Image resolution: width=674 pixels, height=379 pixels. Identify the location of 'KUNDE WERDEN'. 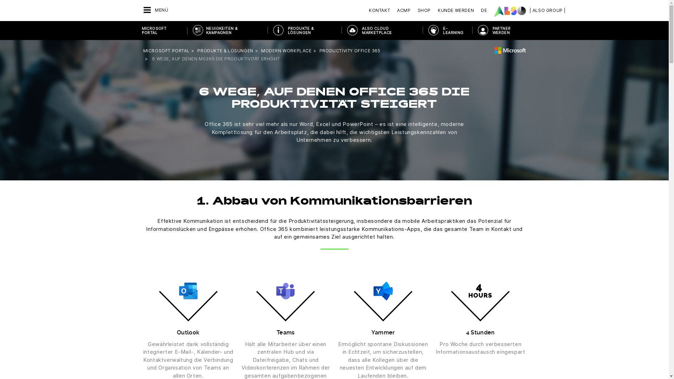
(456, 11).